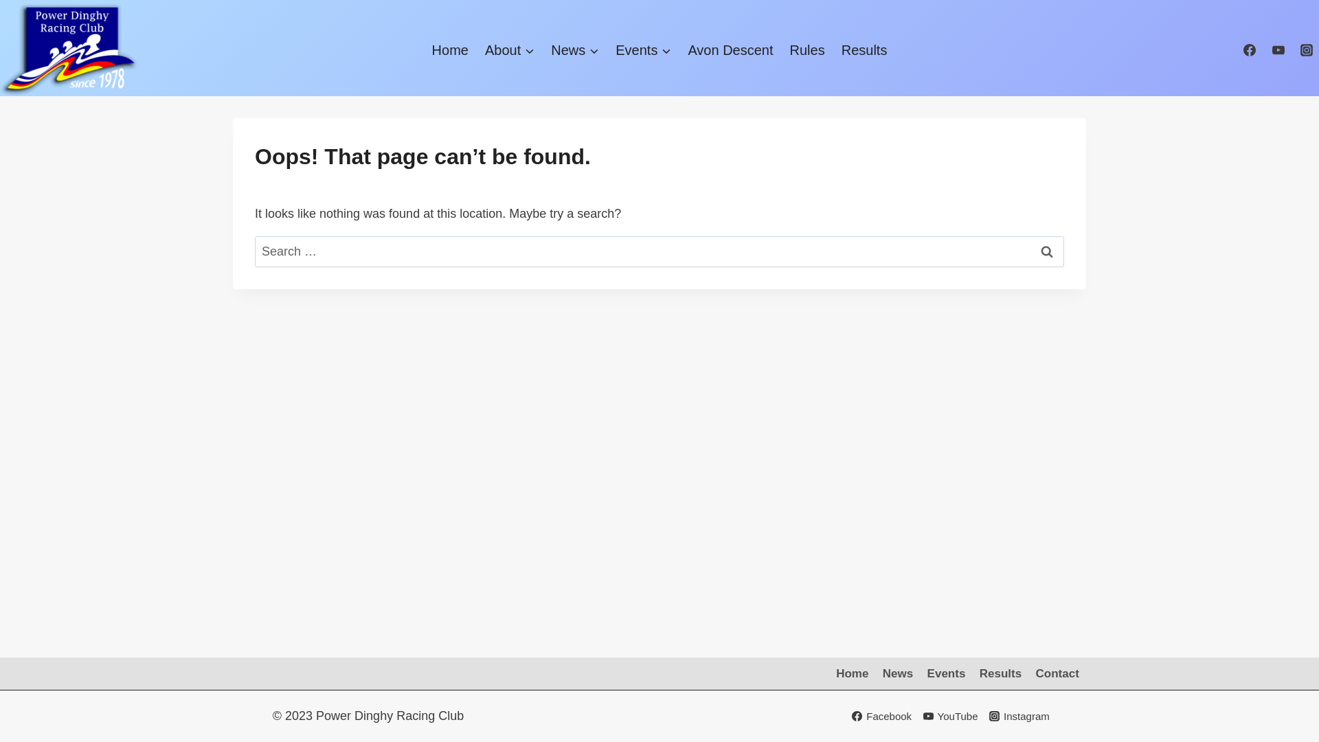 The image size is (1319, 742). I want to click on 'Search', so click(1046, 251).